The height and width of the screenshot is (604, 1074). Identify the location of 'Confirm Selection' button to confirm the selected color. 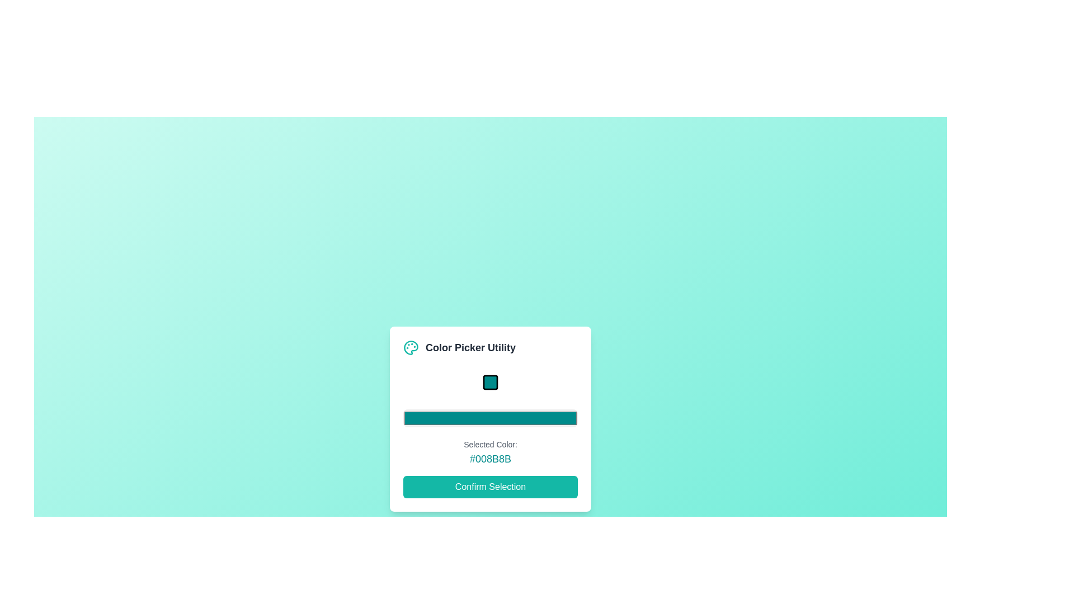
(491, 486).